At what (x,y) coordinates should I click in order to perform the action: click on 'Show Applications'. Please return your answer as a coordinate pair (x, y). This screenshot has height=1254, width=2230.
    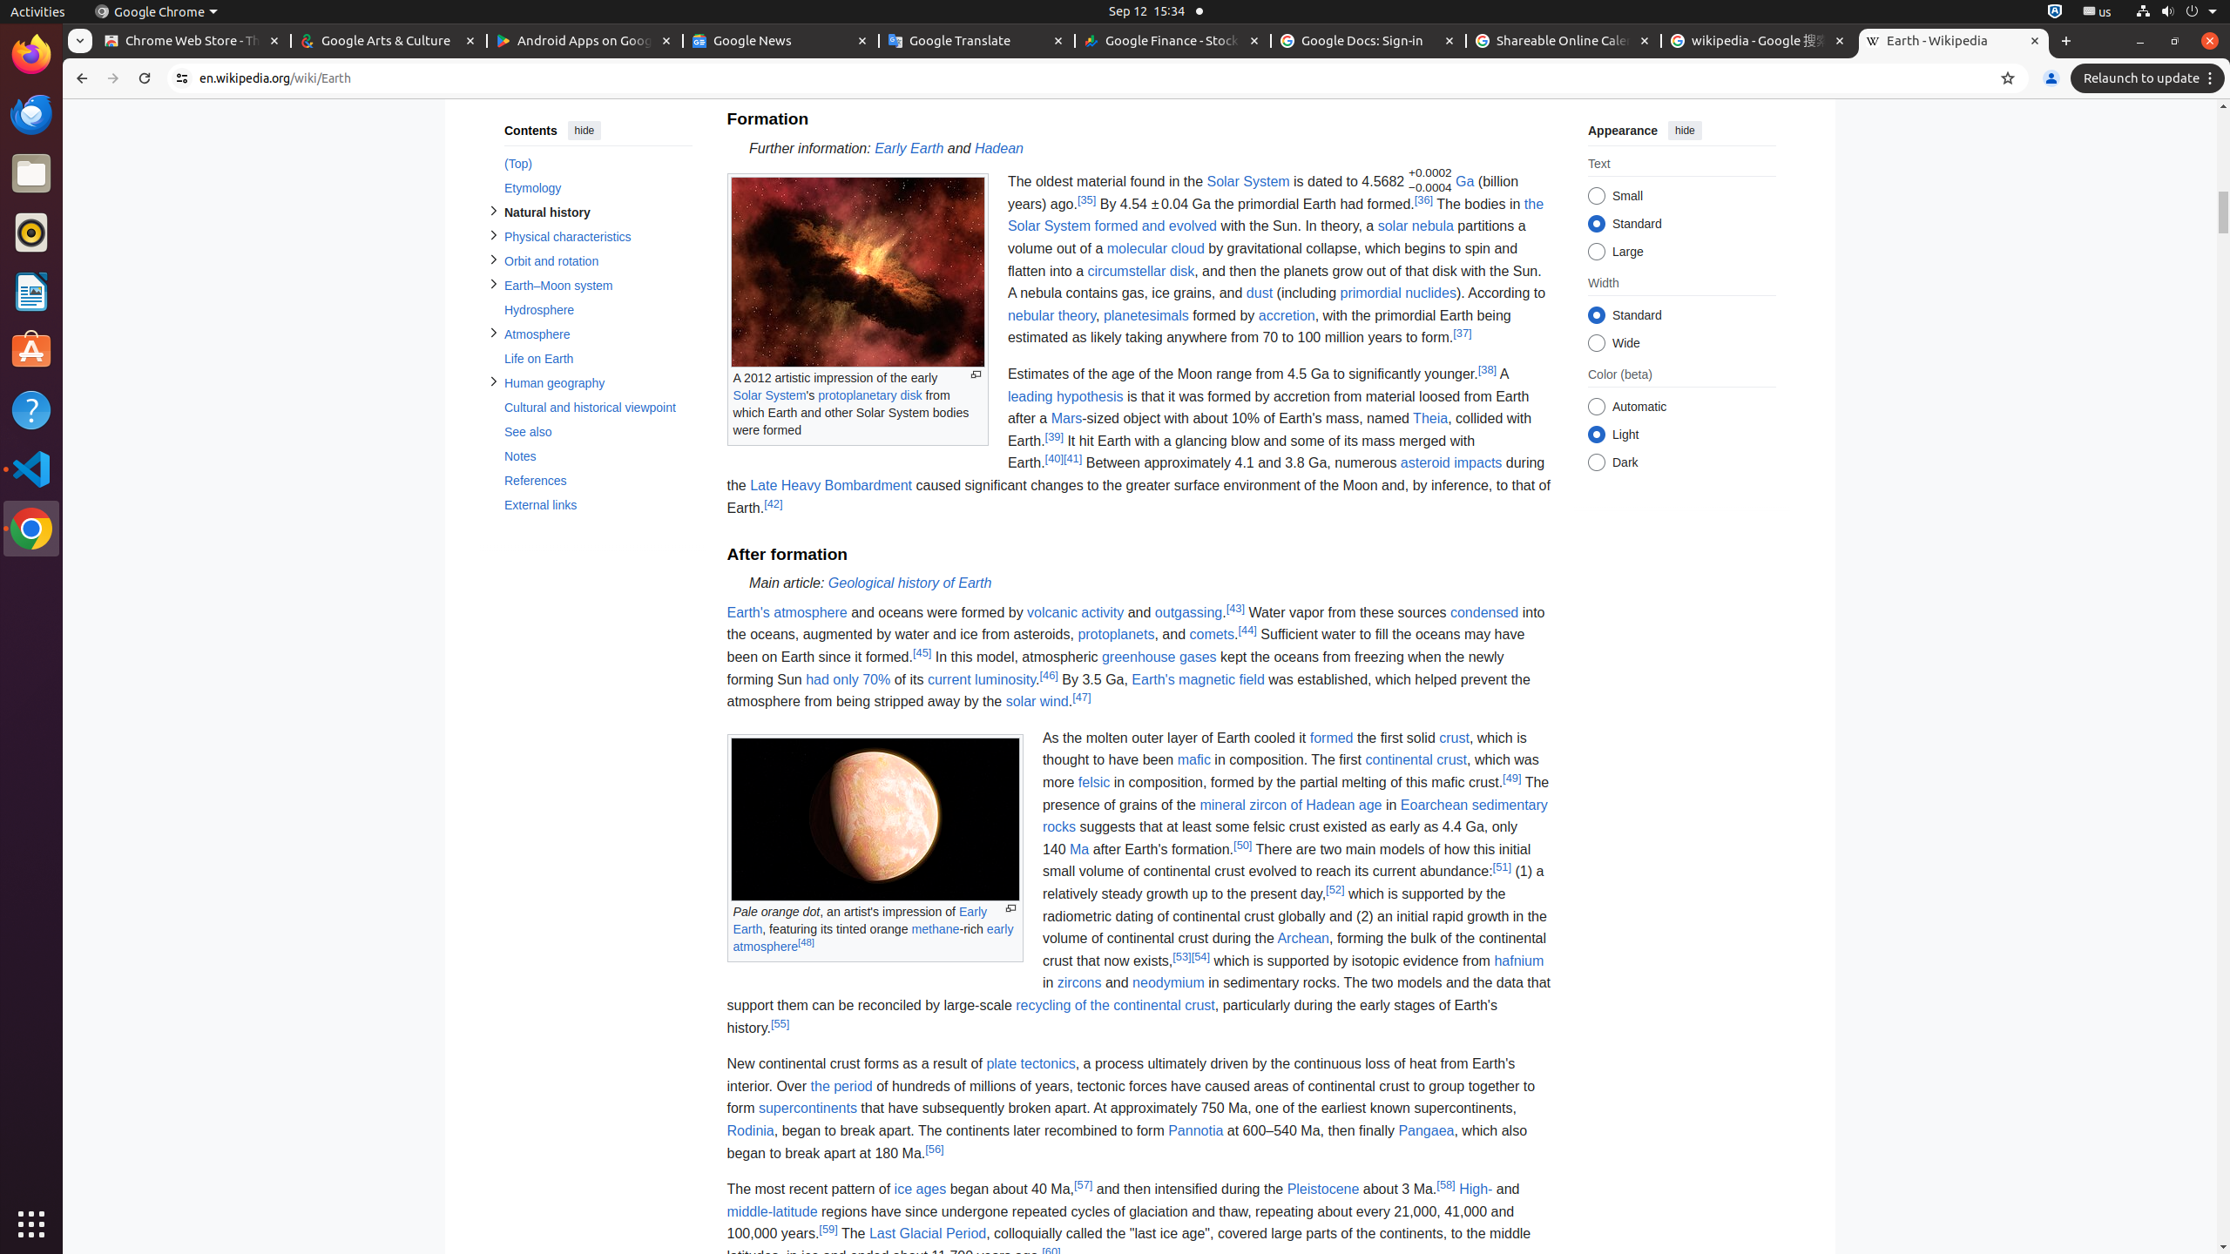
    Looking at the image, I should click on (31, 1224).